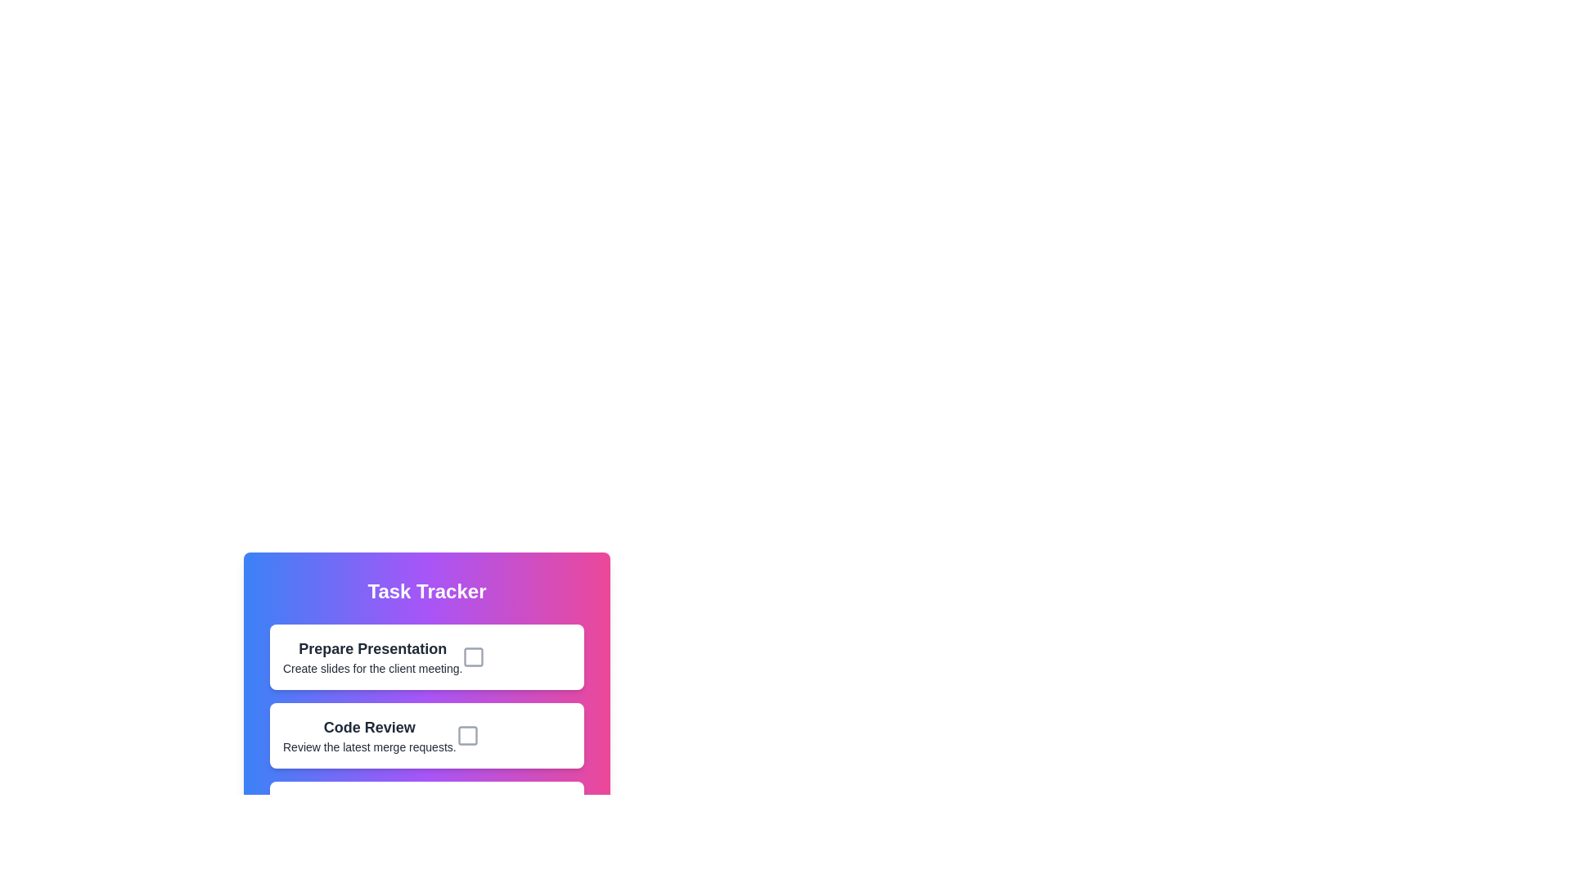 The image size is (1571, 884). I want to click on the checkbox located to the right of the 'Code Review' task label within the task card, so click(466, 734).